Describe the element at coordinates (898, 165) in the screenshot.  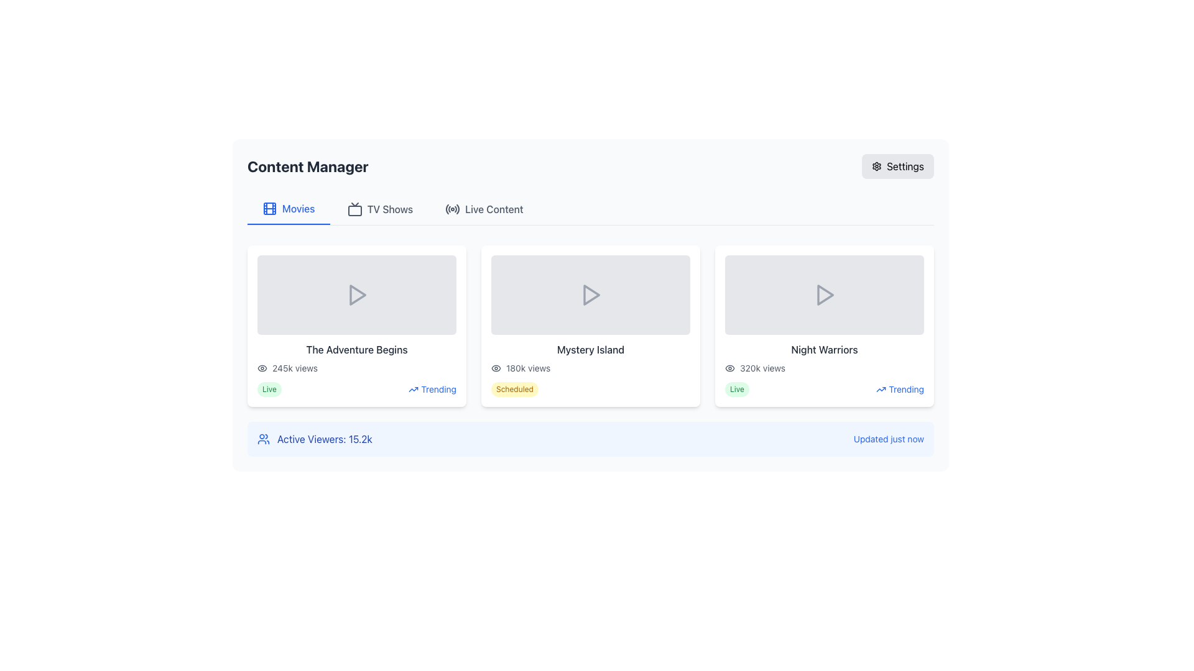
I see `the 'Settings' button located at the top-right corner of the 'Content Manager' section header` at that location.